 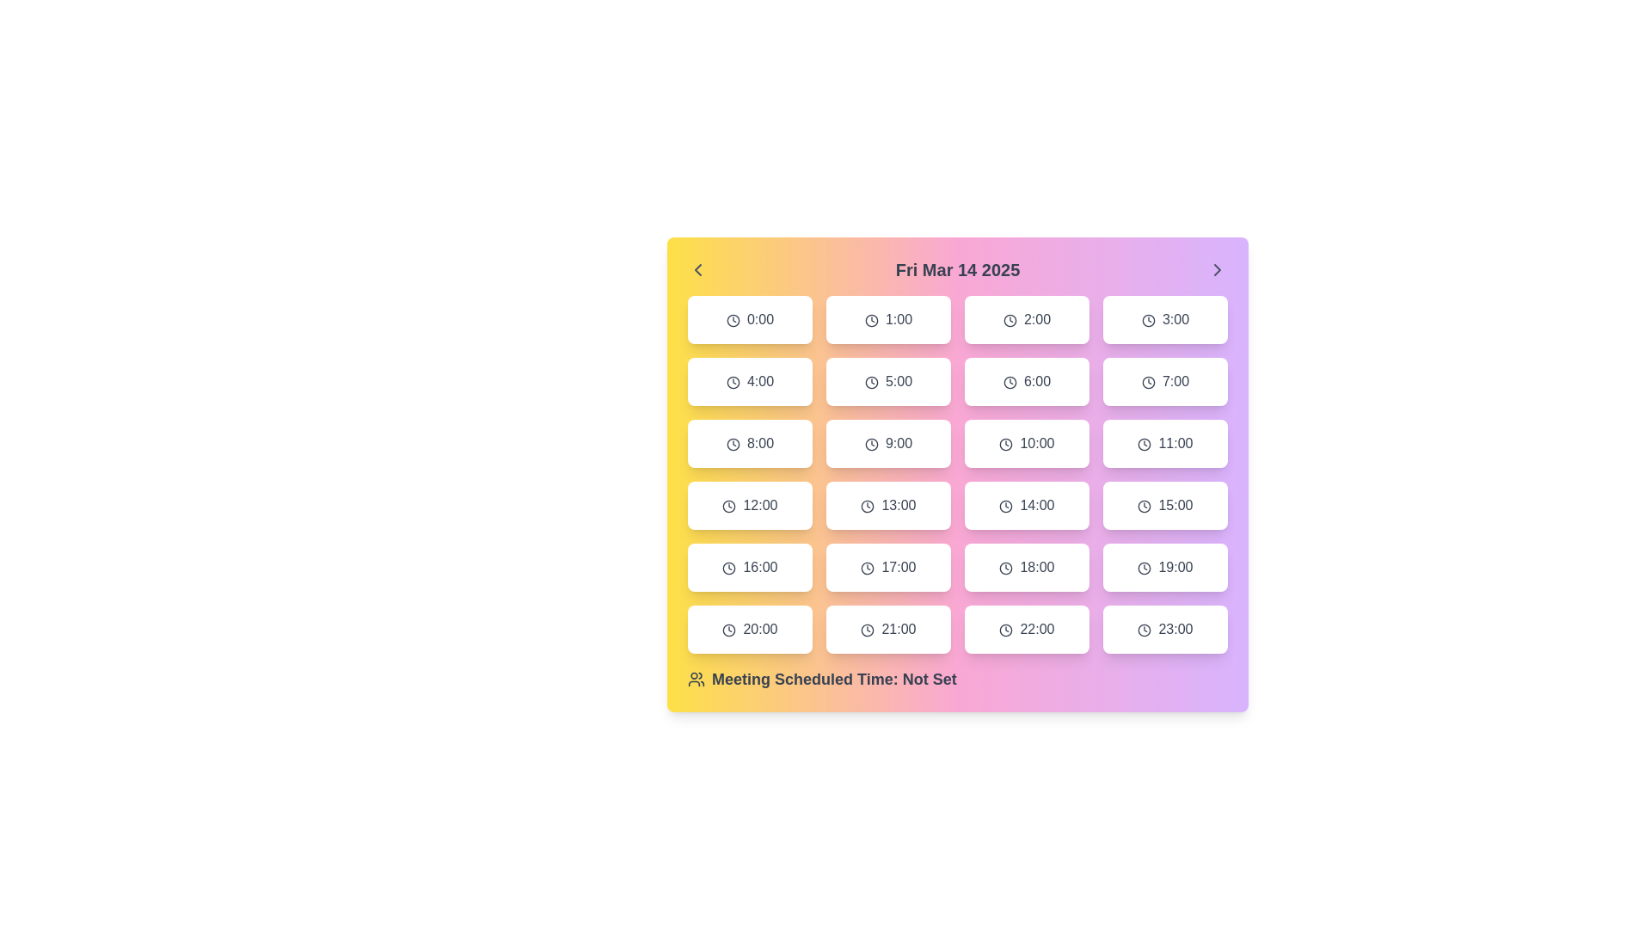 What do you see at coordinates (871, 320) in the screenshot?
I see `the SVG Circle element, which is part of a clock icon located in the second grid cell of the topmost row in a 6x4 grid layout` at bounding box center [871, 320].